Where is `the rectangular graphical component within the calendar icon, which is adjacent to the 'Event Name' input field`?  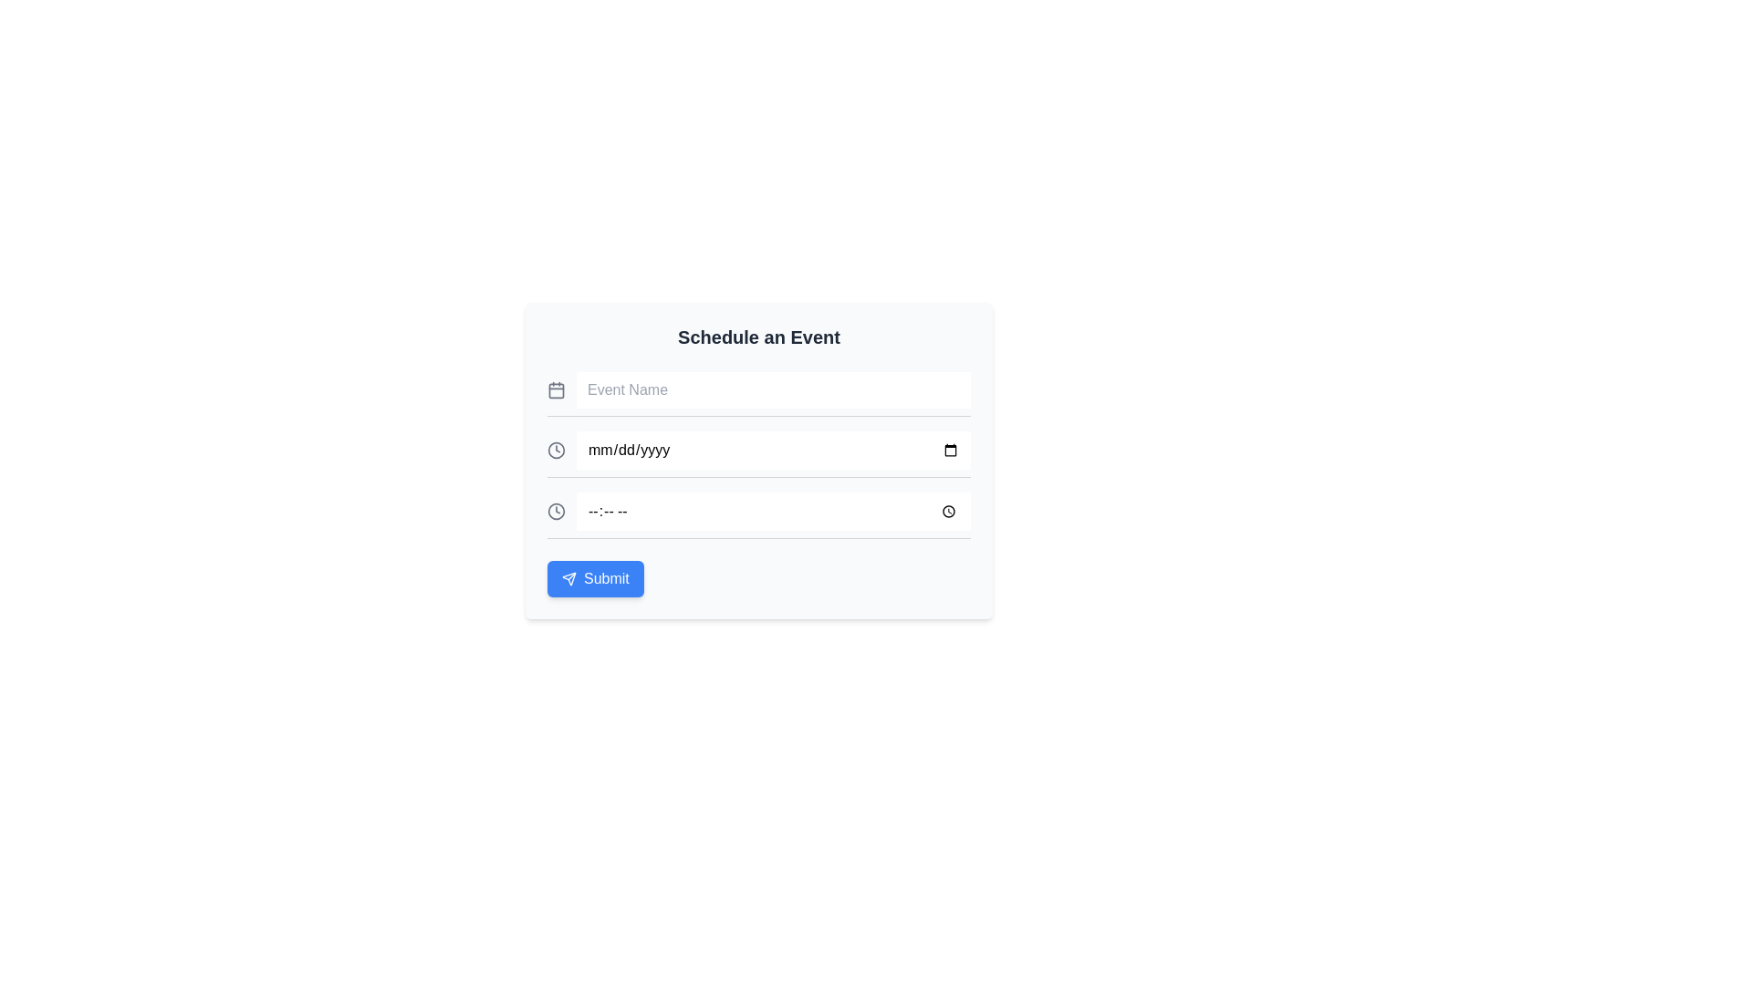 the rectangular graphical component within the calendar icon, which is adjacent to the 'Event Name' input field is located at coordinates (555, 389).